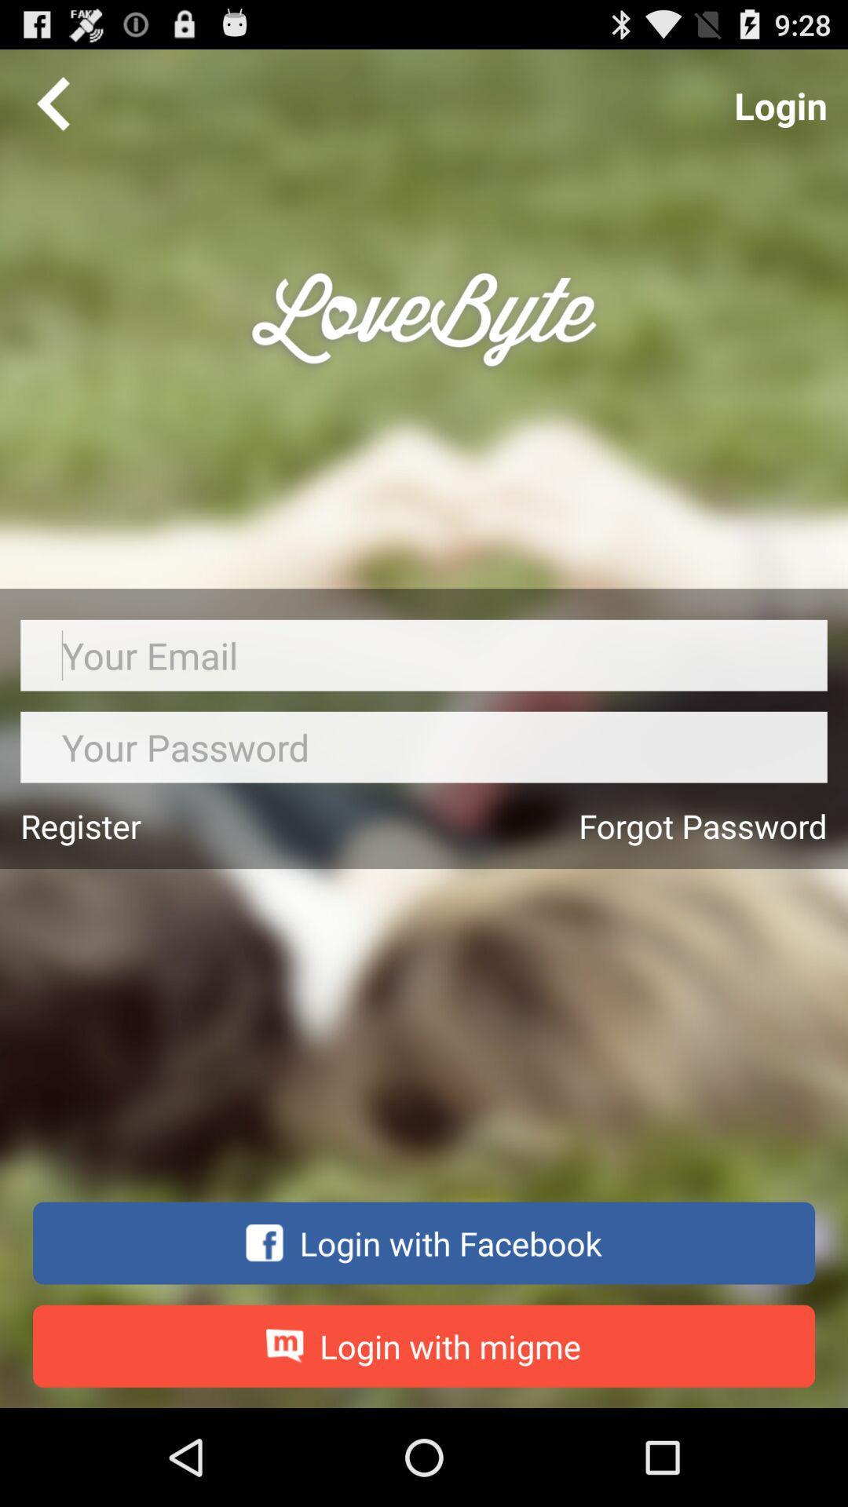 The height and width of the screenshot is (1507, 848). What do you see at coordinates (424, 655) in the screenshot?
I see `your email` at bounding box center [424, 655].